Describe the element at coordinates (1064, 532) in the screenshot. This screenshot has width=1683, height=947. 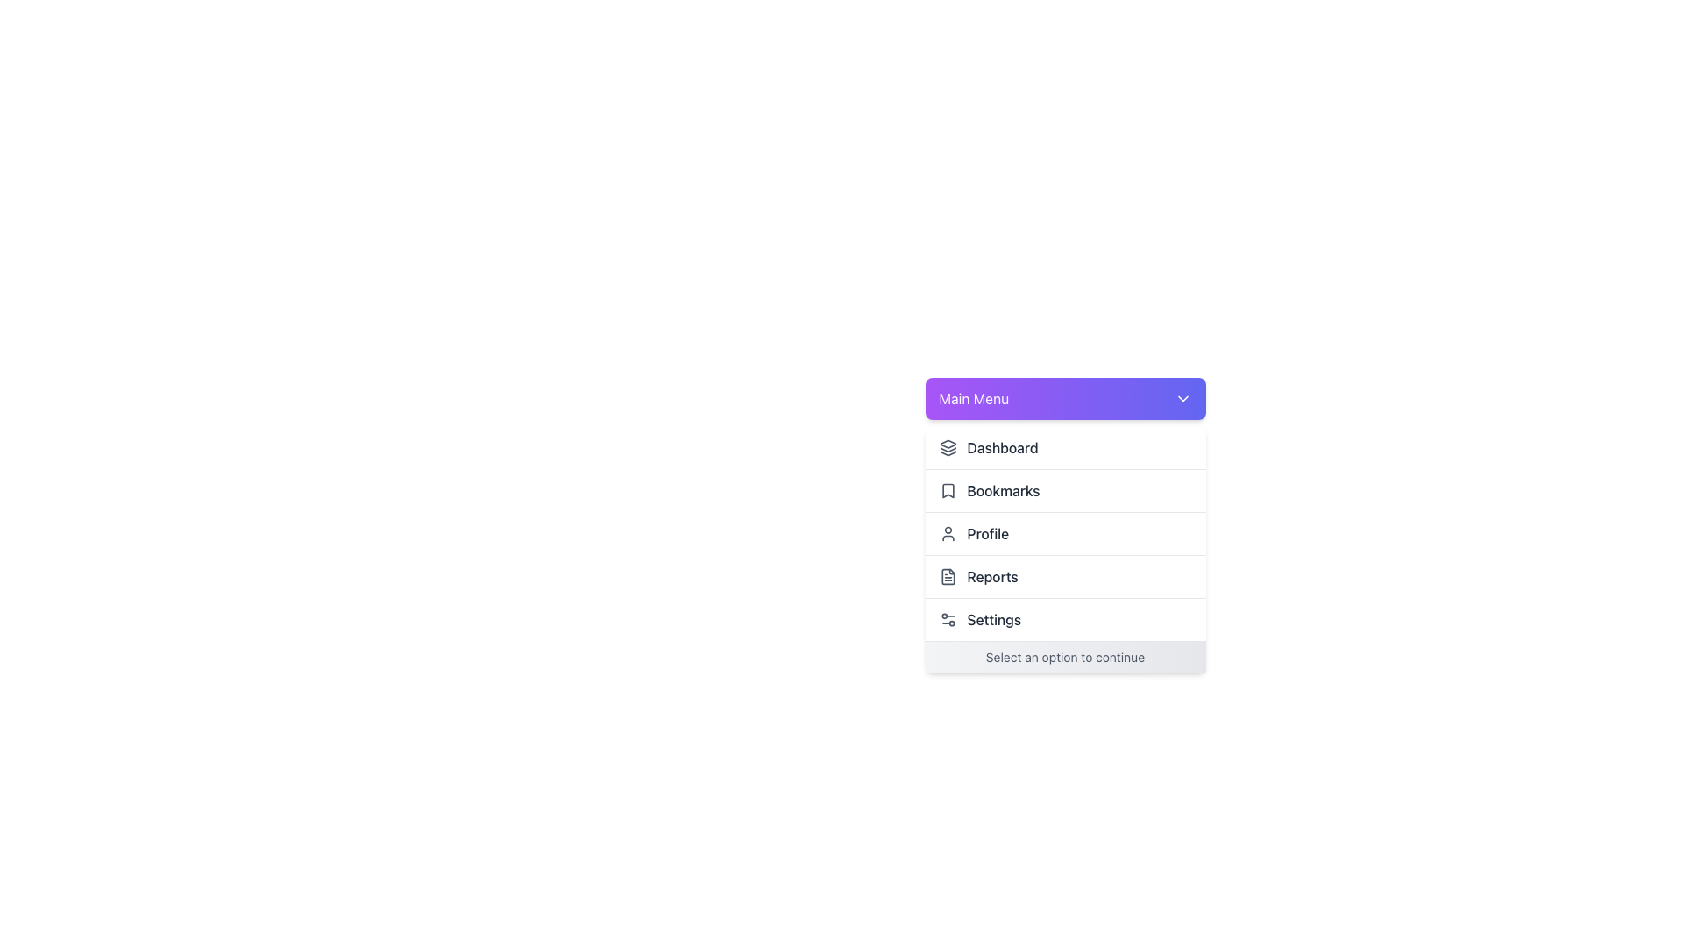
I see `the 'Profile' menu item, which is the third item` at that location.